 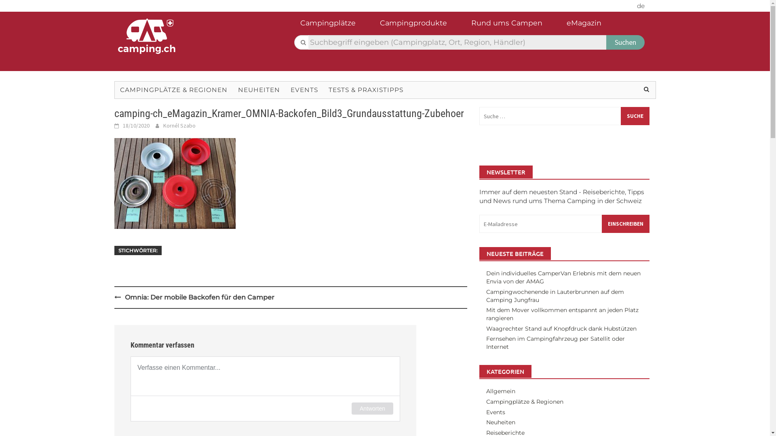 What do you see at coordinates (304, 90) in the screenshot?
I see `'EVENTS'` at bounding box center [304, 90].